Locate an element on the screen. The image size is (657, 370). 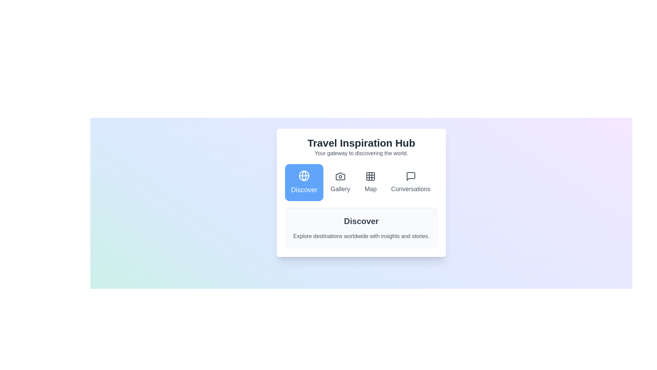
the 'Conversations' navigation button, which is the fourth button in a horizontal group located under the 'Travel Inspiration Hub' heading, to change its color is located at coordinates (411, 182).